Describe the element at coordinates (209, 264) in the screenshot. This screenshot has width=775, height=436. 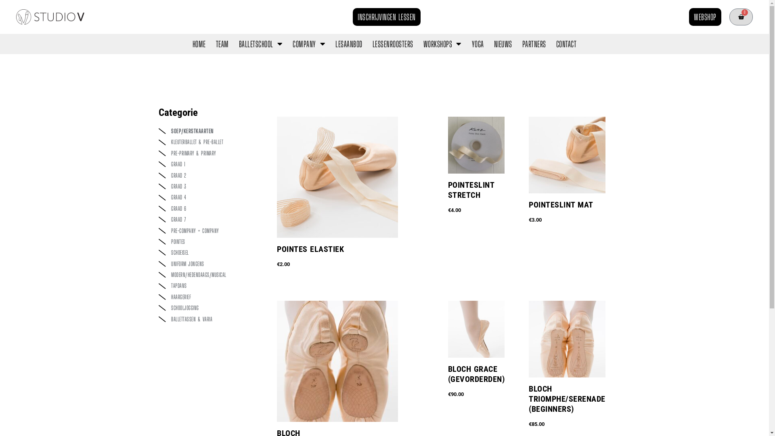
I see `'UNIFORM JONGENS'` at that location.